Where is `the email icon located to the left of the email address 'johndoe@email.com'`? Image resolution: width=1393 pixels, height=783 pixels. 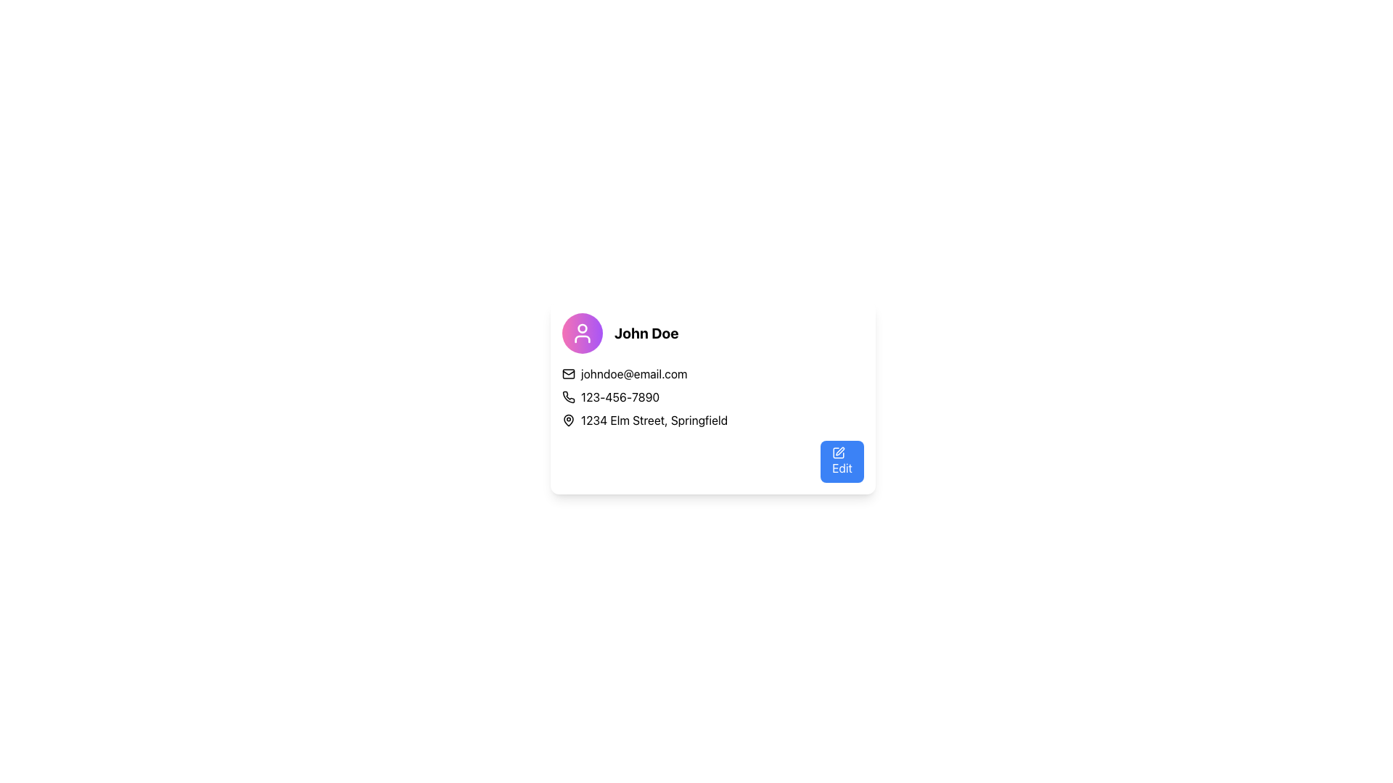
the email icon located to the left of the email address 'johndoe@email.com' is located at coordinates (567, 373).